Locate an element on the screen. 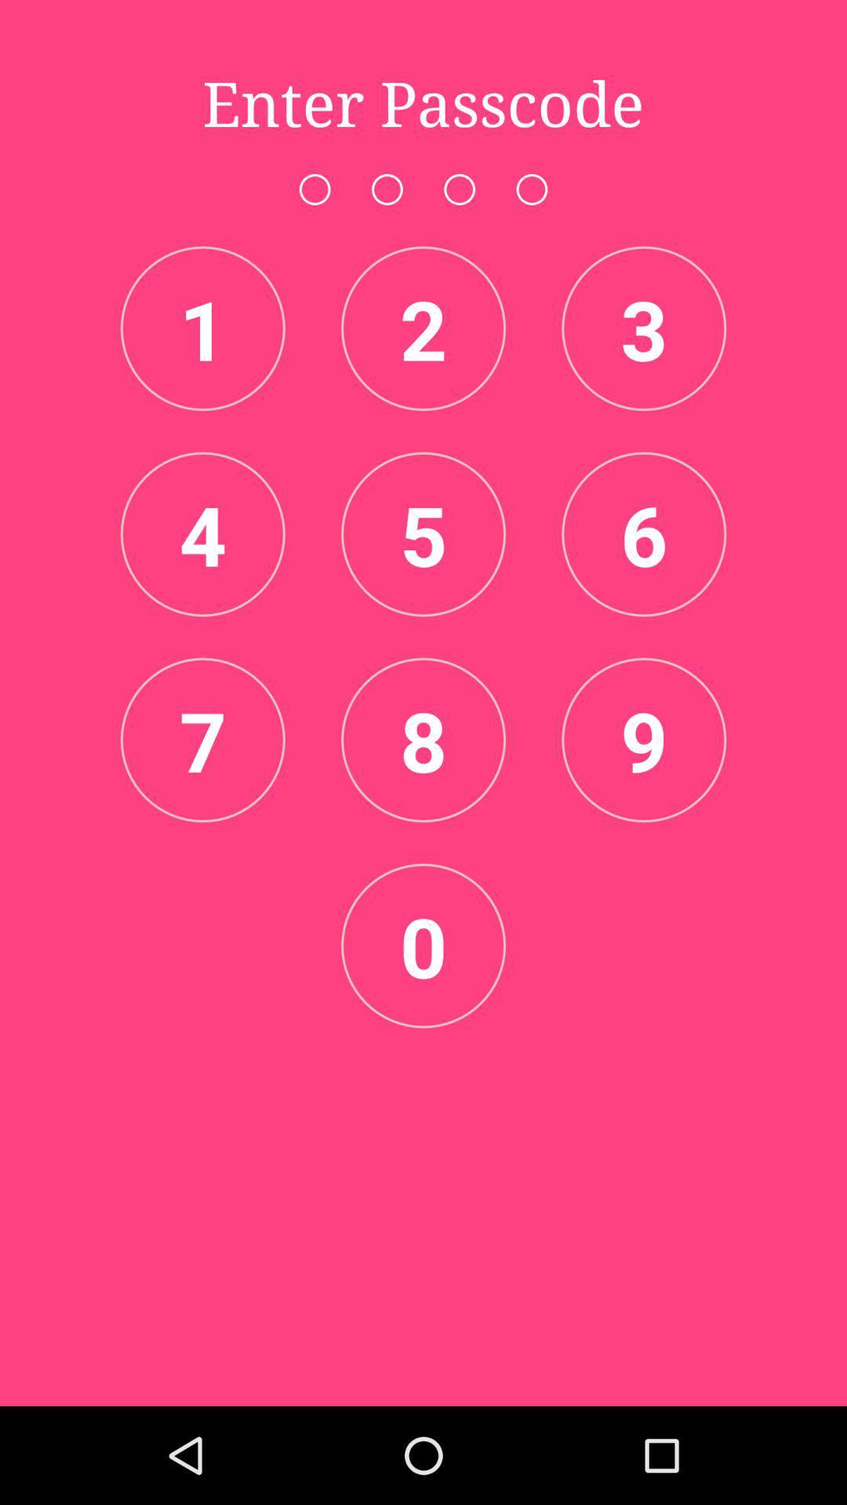 The width and height of the screenshot is (847, 1505). the icon which says 5 is located at coordinates (423, 534).